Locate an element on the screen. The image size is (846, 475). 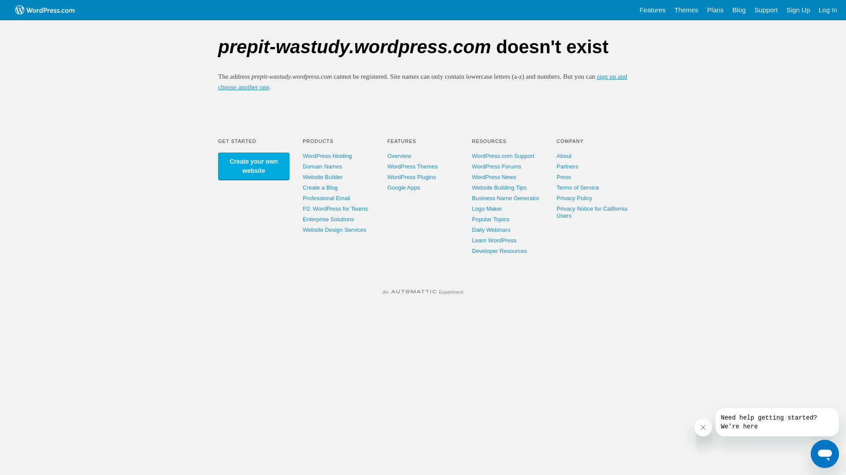
'Learn WordPress' is located at coordinates (494, 240).